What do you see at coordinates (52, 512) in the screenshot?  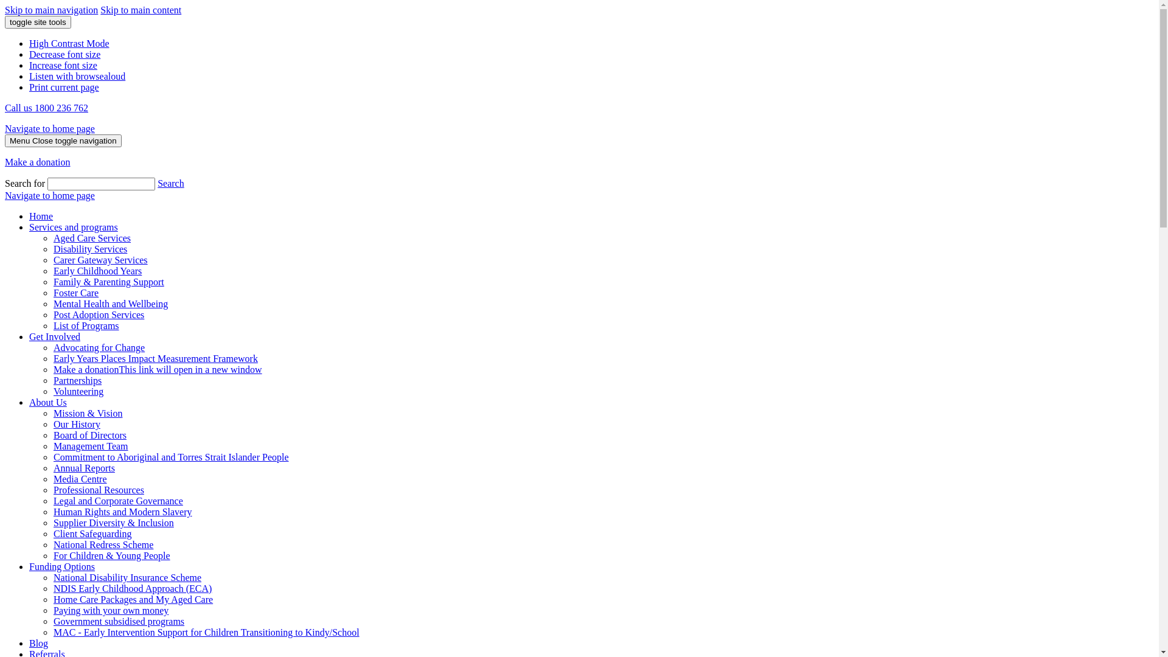 I see `'Human Rights and Modern Slavery'` at bounding box center [52, 512].